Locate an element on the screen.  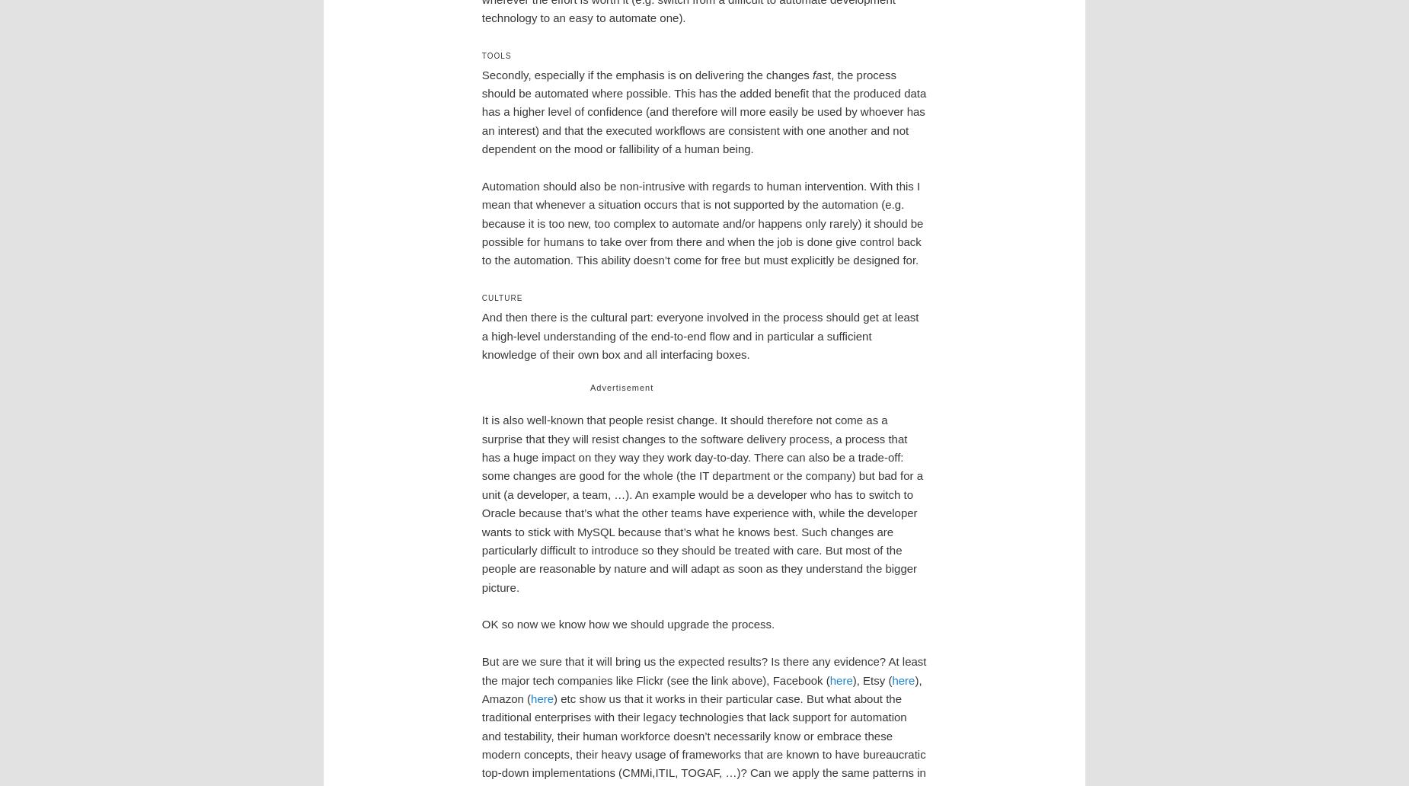
'Automation should also be non-intrusive with regards to human intervention. With this I mean that whenever a situation occurs that is not supported by the automation (e.g. because it is too new, too complex to automate and/or happens only rarely) it should be possible for humans to take over from there and when the job is done give control back to the automation. This ability doesn’t come for free but must explicitly be designed for.' is located at coordinates (702, 222).